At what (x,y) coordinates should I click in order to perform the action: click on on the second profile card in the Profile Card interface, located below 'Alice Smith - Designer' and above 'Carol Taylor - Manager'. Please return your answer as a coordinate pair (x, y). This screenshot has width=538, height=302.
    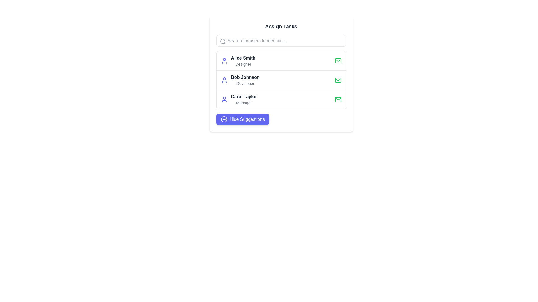
    Looking at the image, I should click on (281, 73).